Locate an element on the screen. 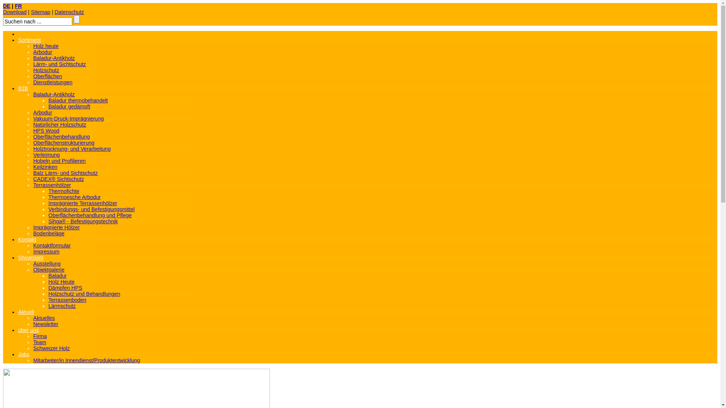 This screenshot has height=408, width=726. 'Thermofichte' is located at coordinates (64, 190).